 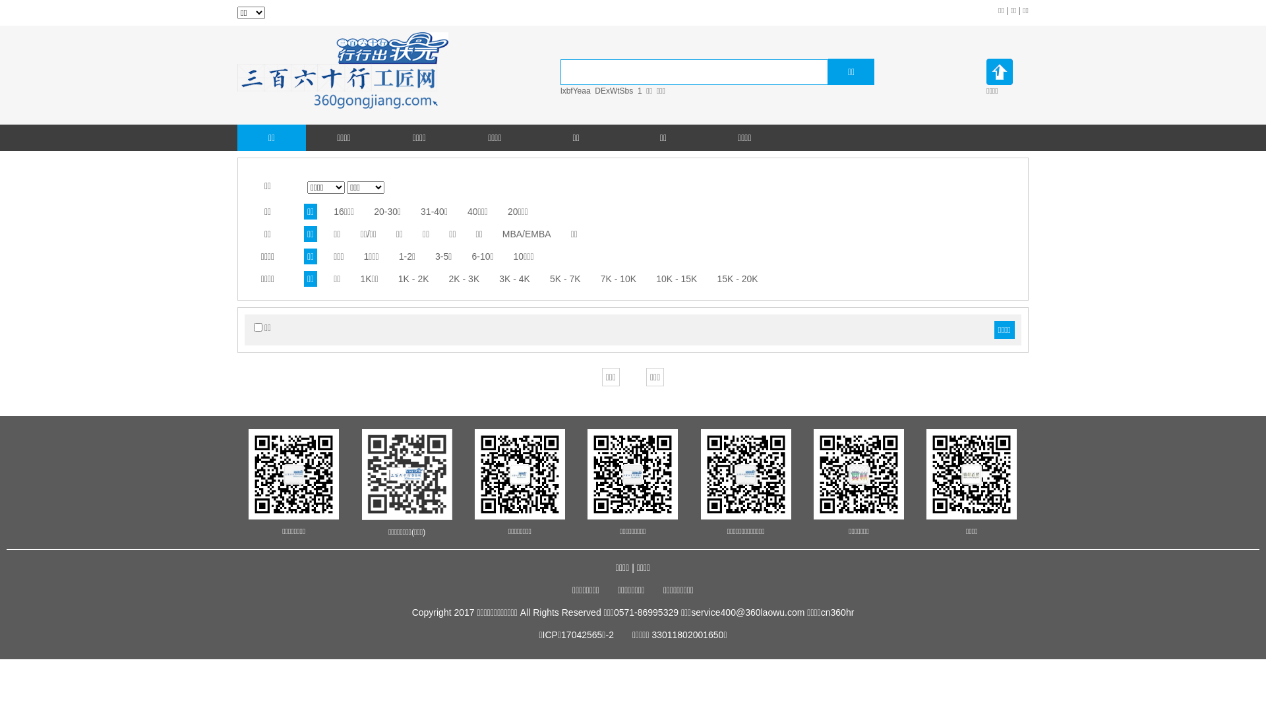 I want to click on '2K - 3K', so click(x=464, y=278).